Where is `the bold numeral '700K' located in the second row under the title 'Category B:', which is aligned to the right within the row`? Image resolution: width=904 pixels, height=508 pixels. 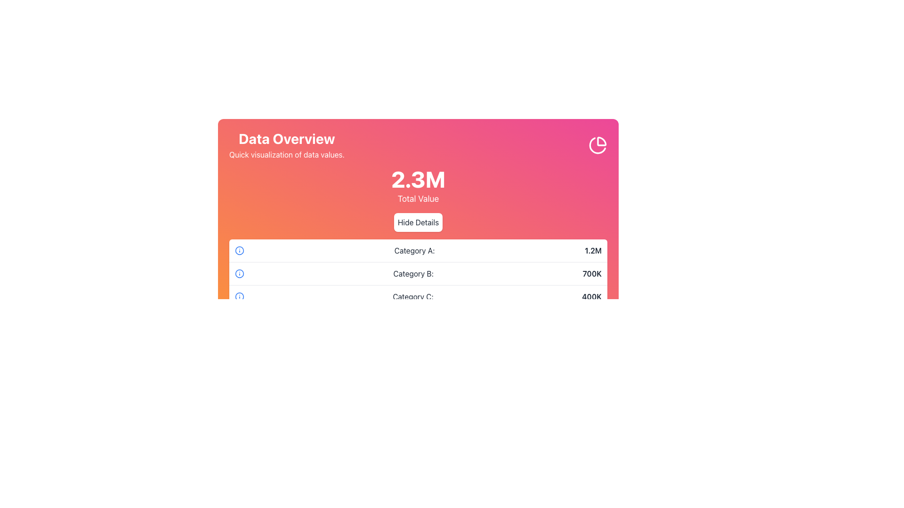
the bold numeral '700K' located in the second row under the title 'Category B:', which is aligned to the right within the row is located at coordinates (591, 274).